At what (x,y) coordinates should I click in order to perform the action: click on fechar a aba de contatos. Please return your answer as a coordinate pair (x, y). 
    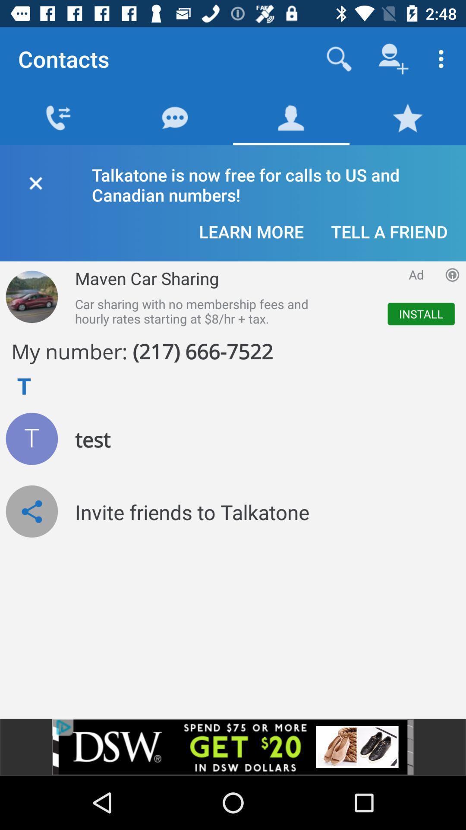
    Looking at the image, I should click on (35, 181).